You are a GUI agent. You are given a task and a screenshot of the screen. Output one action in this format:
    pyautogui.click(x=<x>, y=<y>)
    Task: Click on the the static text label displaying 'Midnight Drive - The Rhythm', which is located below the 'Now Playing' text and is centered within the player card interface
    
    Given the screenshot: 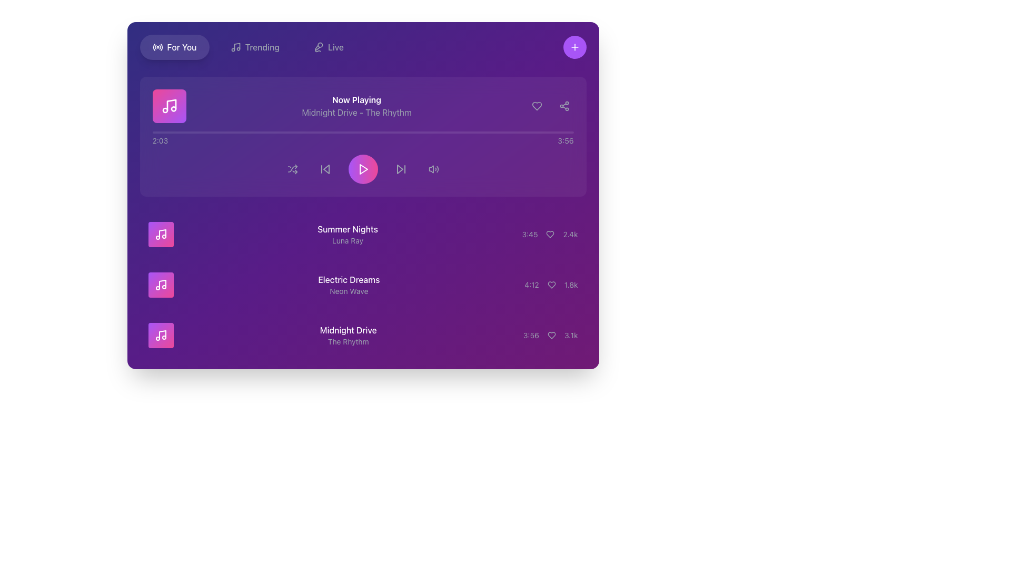 What is the action you would take?
    pyautogui.click(x=356, y=112)
    